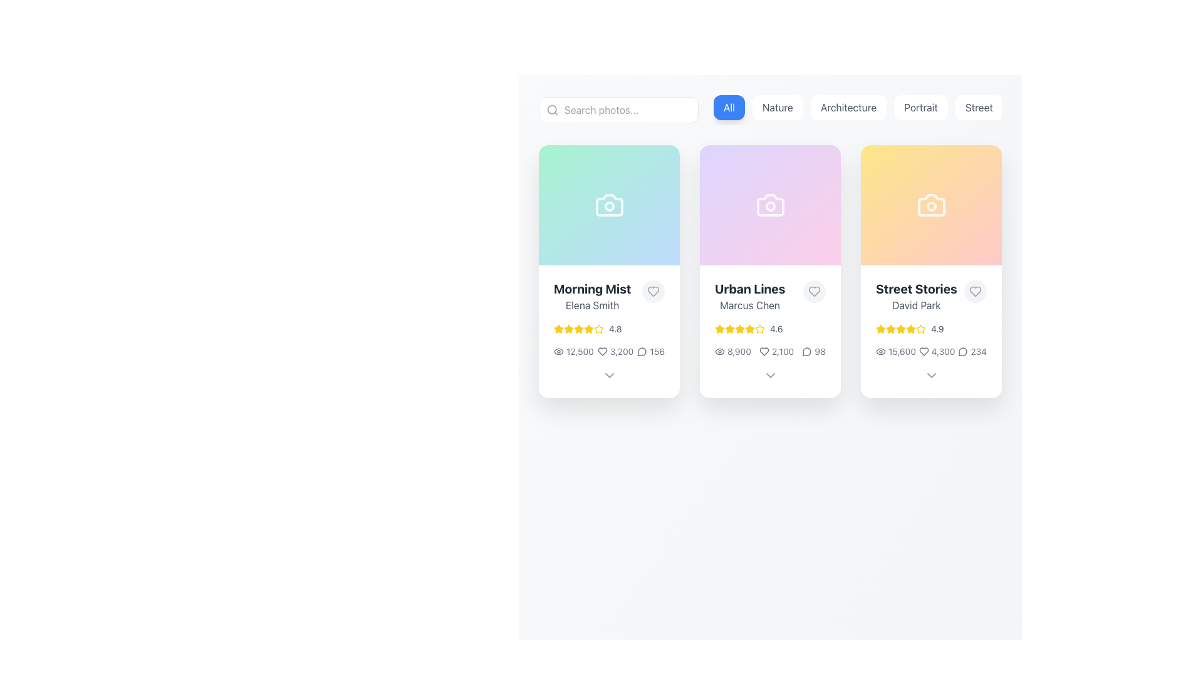 The width and height of the screenshot is (1203, 676). I want to click on the center of the heart-shaped icon at the bottom-right corner of the 'Street Stories' card to 'like' or 'unlike' the content, so click(974, 292).